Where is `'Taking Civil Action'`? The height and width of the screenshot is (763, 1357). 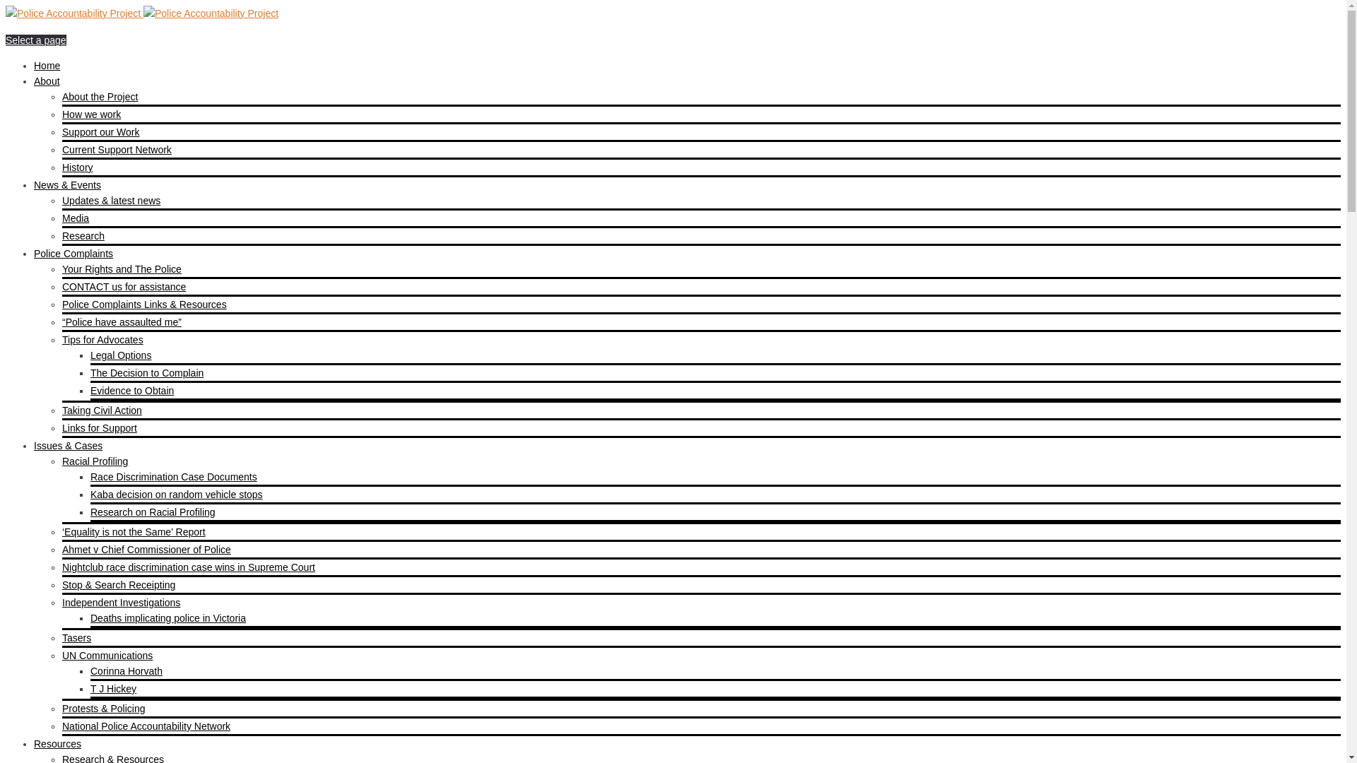
'Taking Civil Action' is located at coordinates (101, 410).